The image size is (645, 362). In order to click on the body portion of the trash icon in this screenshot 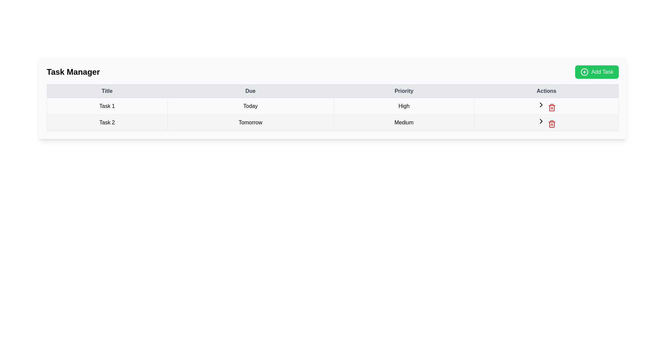, I will do `click(552, 108)`.